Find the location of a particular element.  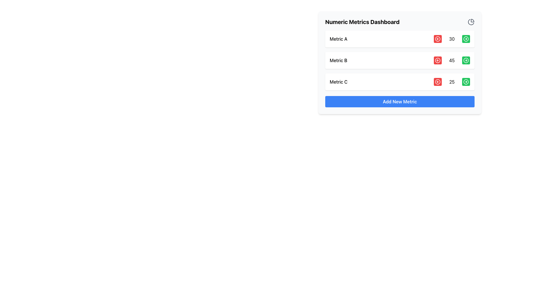

the text label for 'Metric B' located on the left side of the second item in the 'Numeric Metrics Dashboard' list is located at coordinates (338, 60).